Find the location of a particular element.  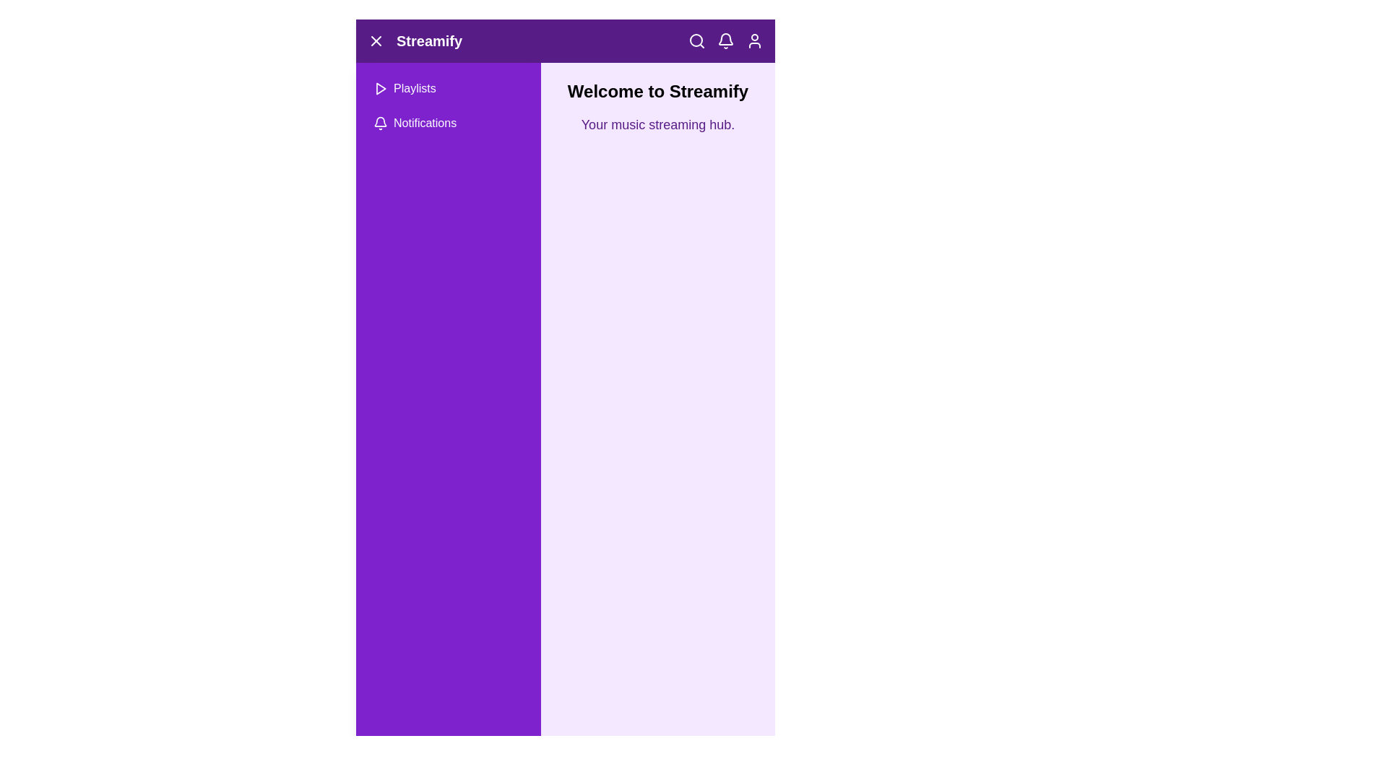

the play icon, which is a triangular shape pointing to the right, located in the navigation menu as the leftmost component in the 'Playlists' item row is located at coordinates (381, 89).